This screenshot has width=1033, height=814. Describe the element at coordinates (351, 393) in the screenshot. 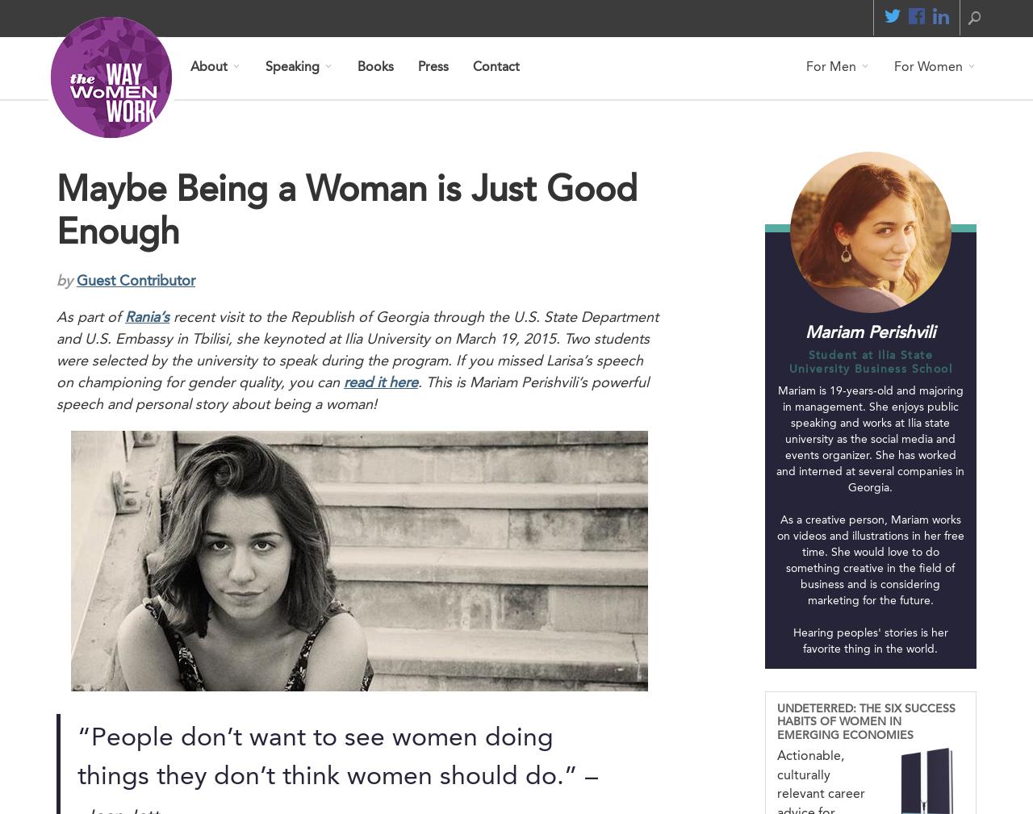

I see `'. This is Mariam Perishvili’s powerful speech and personal story about being a woman!'` at that location.